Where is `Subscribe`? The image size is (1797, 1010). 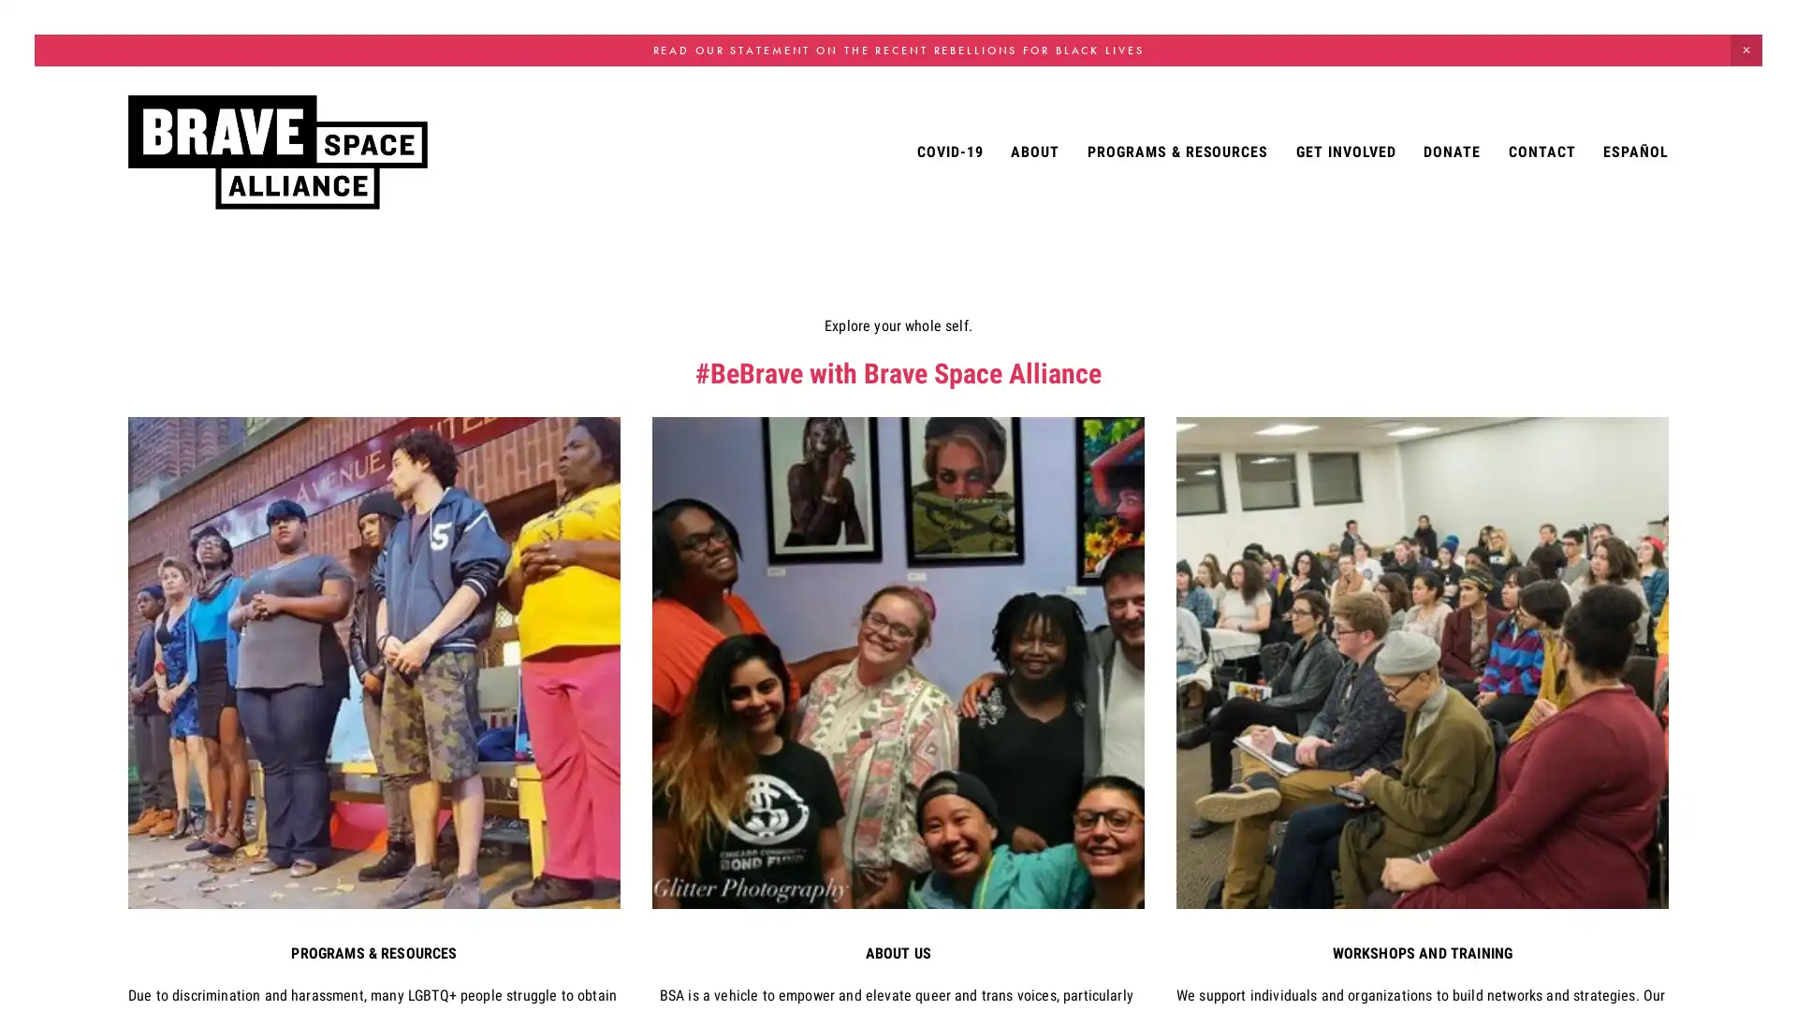
Subscribe is located at coordinates (1057, 548).